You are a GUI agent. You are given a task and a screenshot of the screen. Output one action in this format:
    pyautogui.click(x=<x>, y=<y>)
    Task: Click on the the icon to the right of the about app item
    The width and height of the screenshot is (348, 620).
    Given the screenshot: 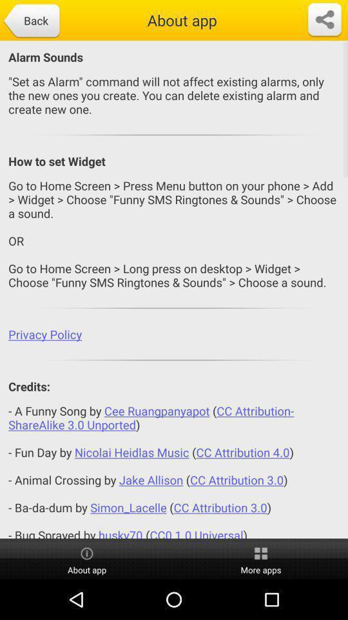 What is the action you would take?
    pyautogui.click(x=324, y=19)
    